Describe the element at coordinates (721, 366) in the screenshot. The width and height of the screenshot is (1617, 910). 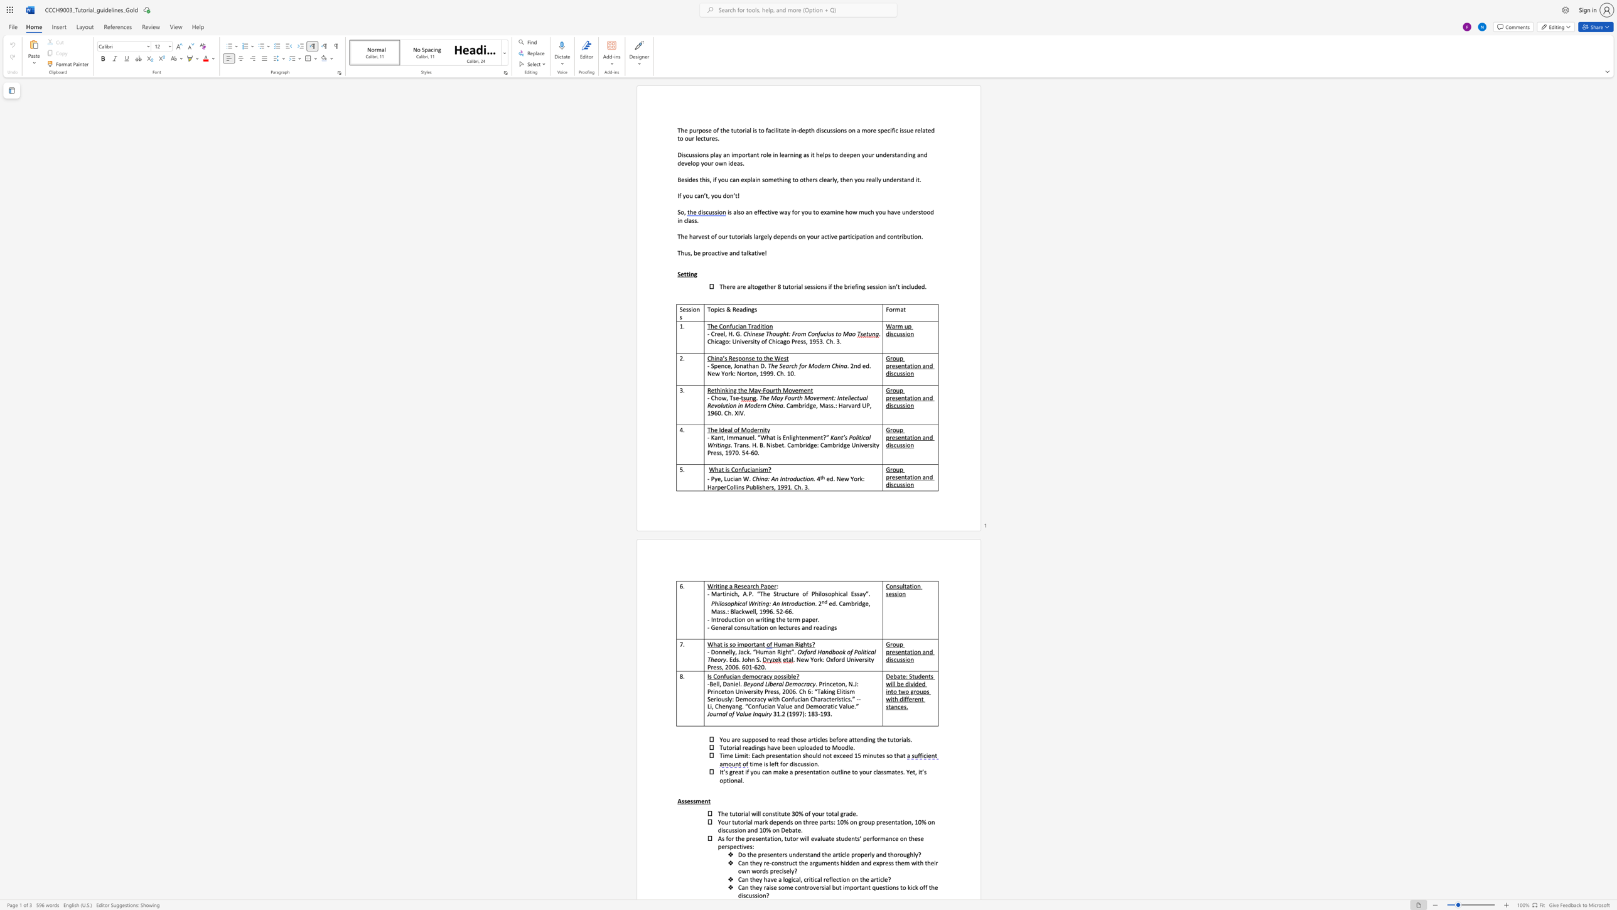
I see `the subset text "nce, Jonath" within the text "- Spence, Jonathan D."` at that location.